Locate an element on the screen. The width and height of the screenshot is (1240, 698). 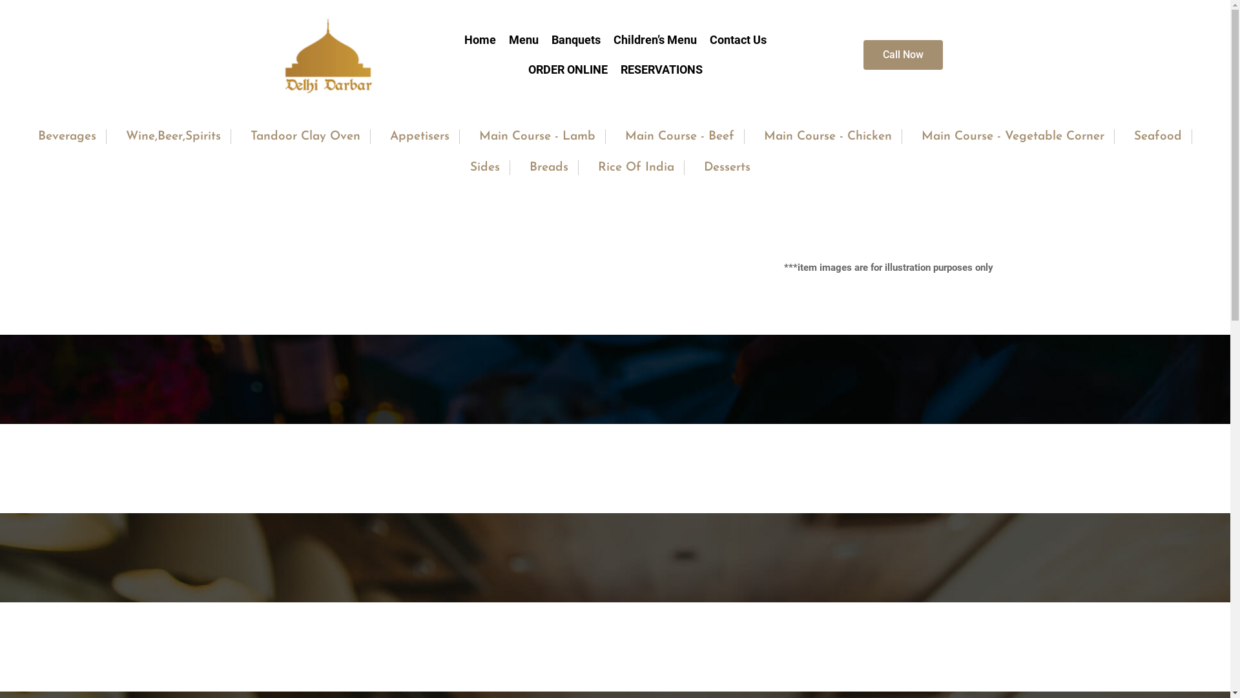
'Menu' is located at coordinates (524, 39).